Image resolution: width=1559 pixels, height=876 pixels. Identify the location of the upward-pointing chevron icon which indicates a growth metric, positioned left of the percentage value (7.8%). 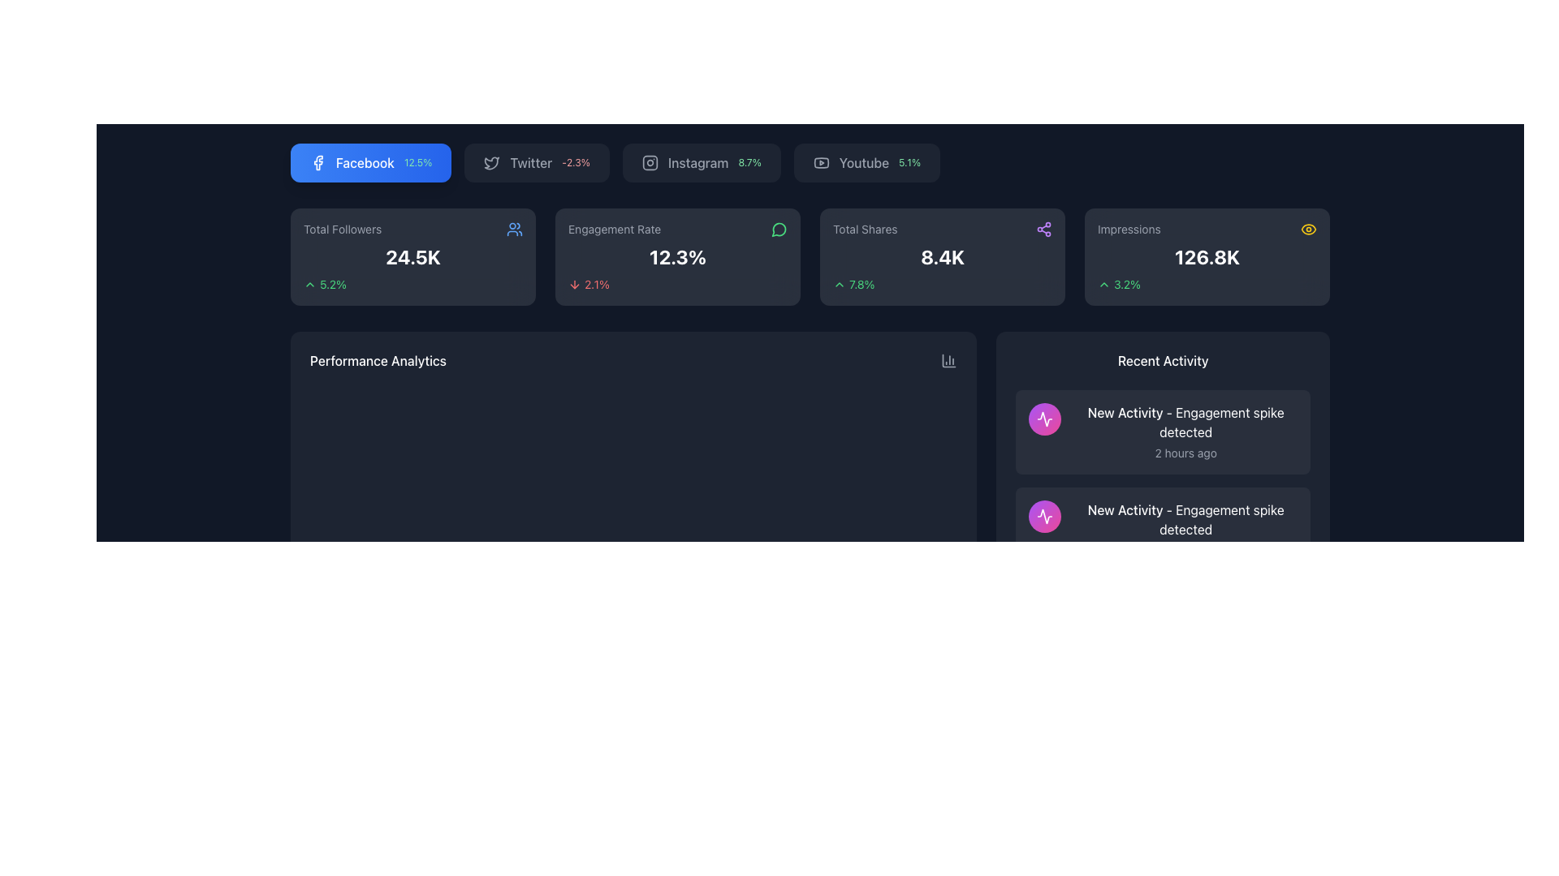
(839, 284).